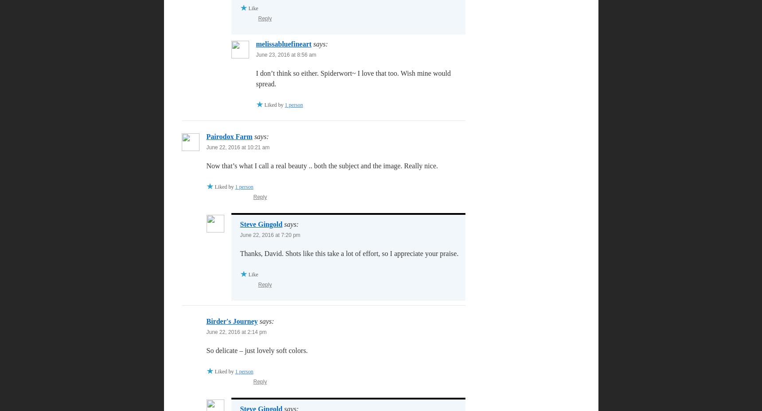  I want to click on 'June 22, 2016 at 7:20 pm', so click(239, 235).